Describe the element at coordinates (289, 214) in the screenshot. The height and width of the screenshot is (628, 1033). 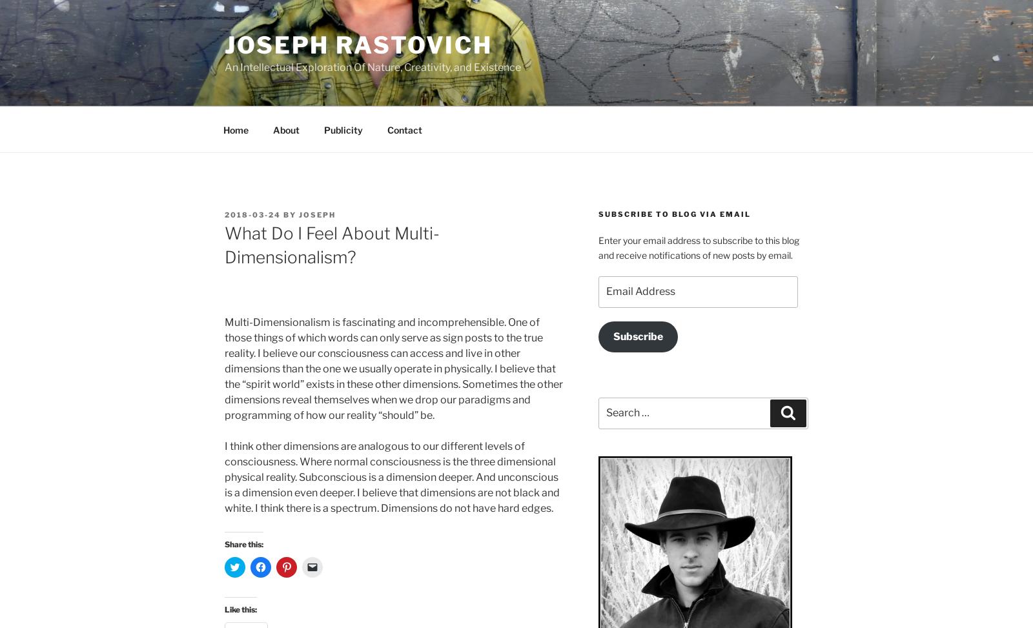
I see `'by'` at that location.